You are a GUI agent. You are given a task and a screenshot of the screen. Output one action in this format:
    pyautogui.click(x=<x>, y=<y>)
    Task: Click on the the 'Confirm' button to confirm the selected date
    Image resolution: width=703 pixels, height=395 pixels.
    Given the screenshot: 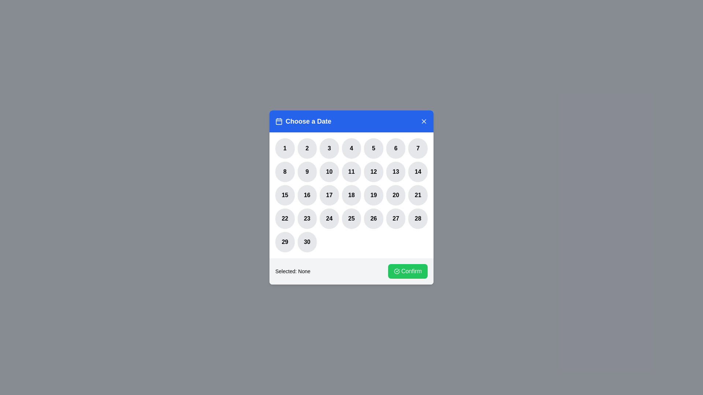 What is the action you would take?
    pyautogui.click(x=407, y=271)
    